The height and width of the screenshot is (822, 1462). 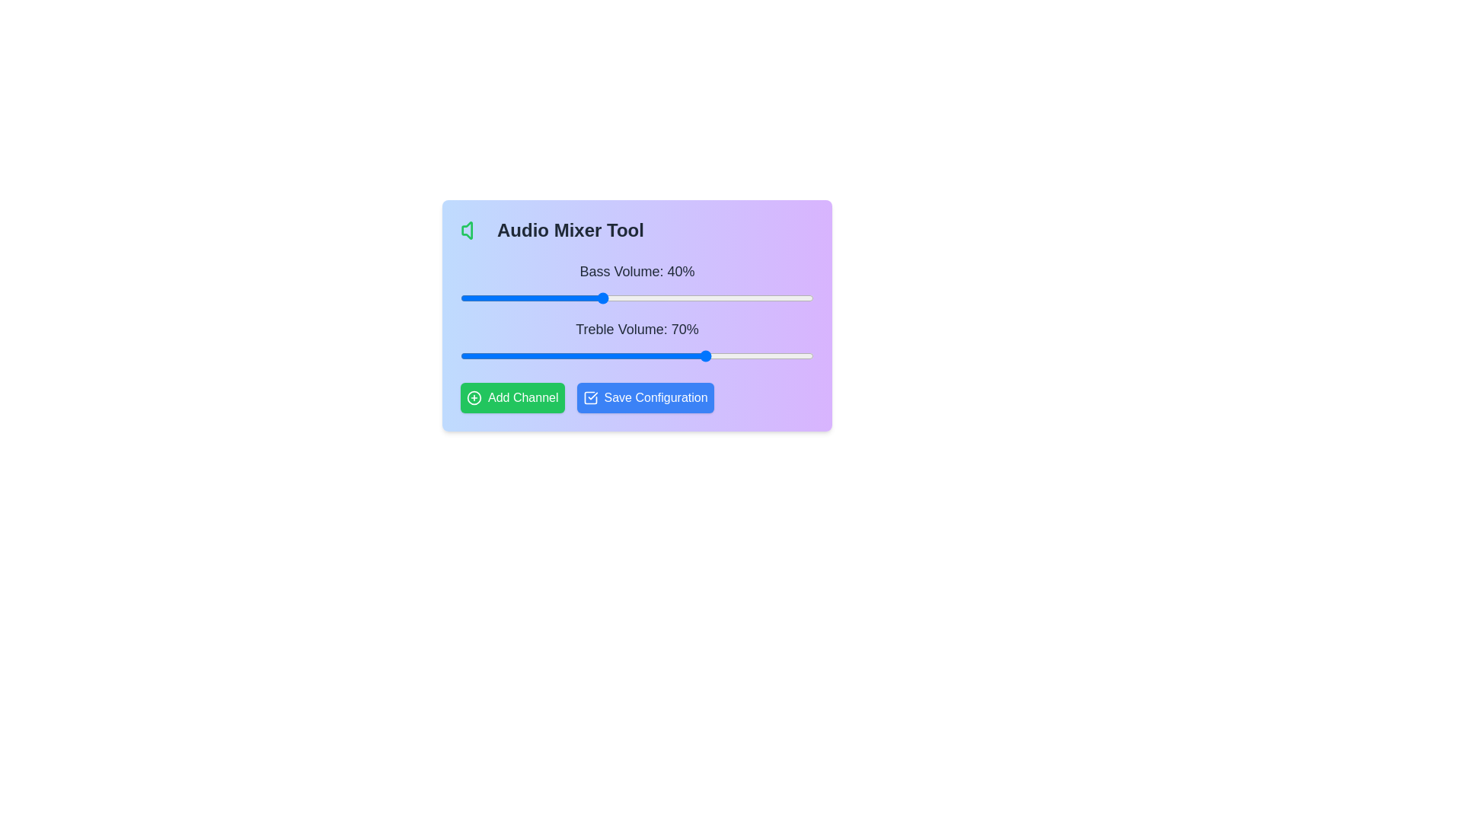 I want to click on treble volume, so click(x=672, y=355).